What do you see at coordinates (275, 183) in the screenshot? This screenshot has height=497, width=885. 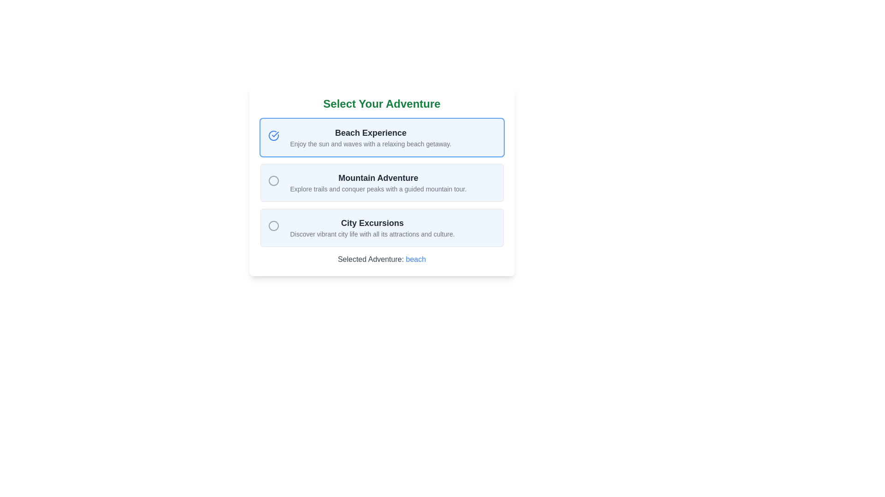 I see `the selection indicator, a small circular icon with a gray stroke, located to the left of the 'Mountain Adventure' option in the second option box` at bounding box center [275, 183].